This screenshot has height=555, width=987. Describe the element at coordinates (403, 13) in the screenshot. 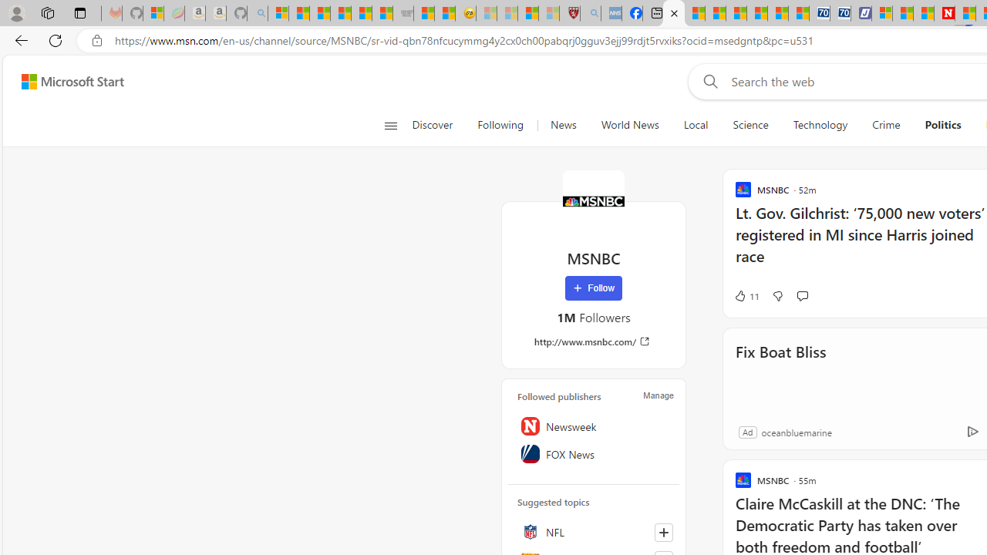

I see `'Combat Siege'` at that location.